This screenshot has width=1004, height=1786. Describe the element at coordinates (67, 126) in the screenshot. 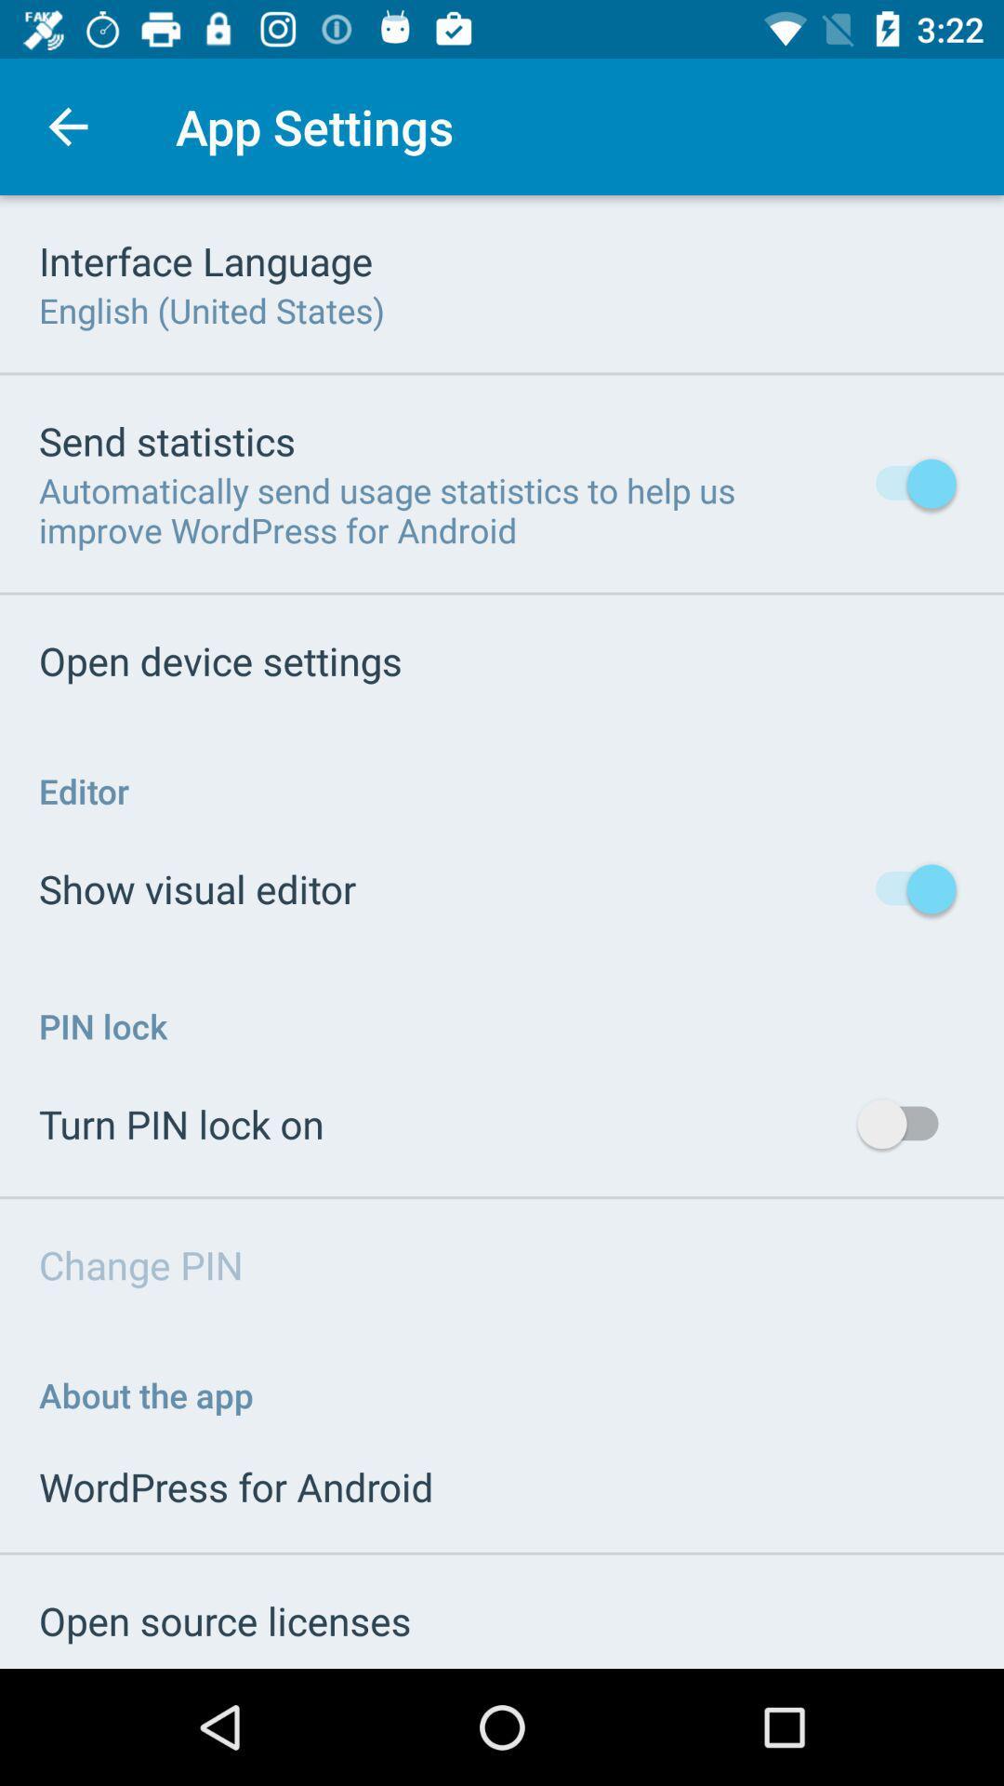

I see `item next to app settings icon` at that location.